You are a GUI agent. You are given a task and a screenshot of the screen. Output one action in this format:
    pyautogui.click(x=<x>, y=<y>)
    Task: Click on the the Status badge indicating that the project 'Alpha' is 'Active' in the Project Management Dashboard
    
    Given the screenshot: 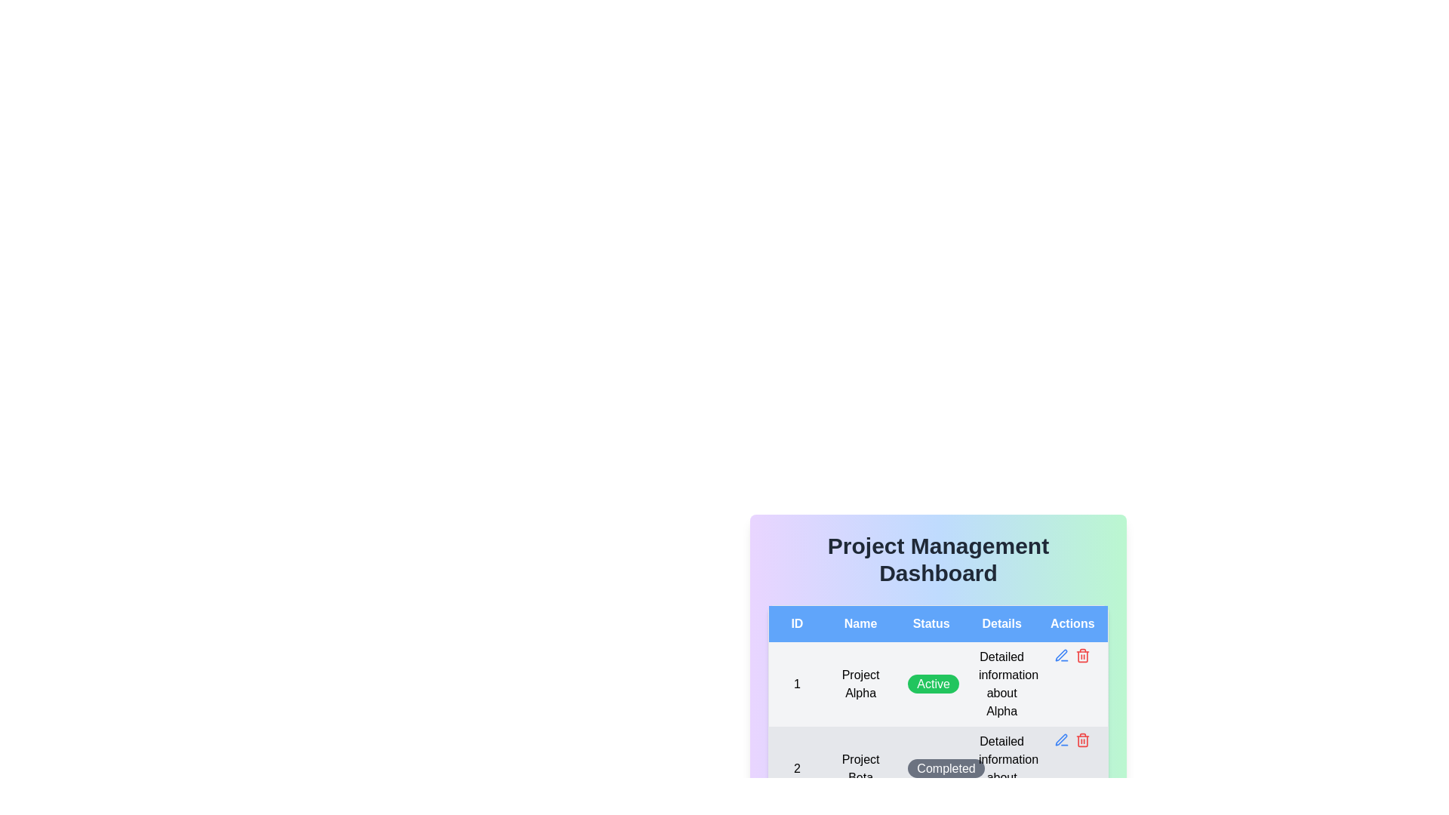 What is the action you would take?
    pyautogui.click(x=933, y=684)
    